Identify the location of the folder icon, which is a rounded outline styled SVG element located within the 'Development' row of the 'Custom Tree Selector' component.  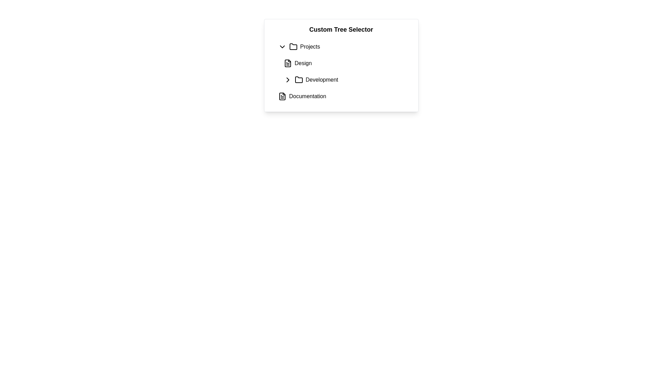
(299, 79).